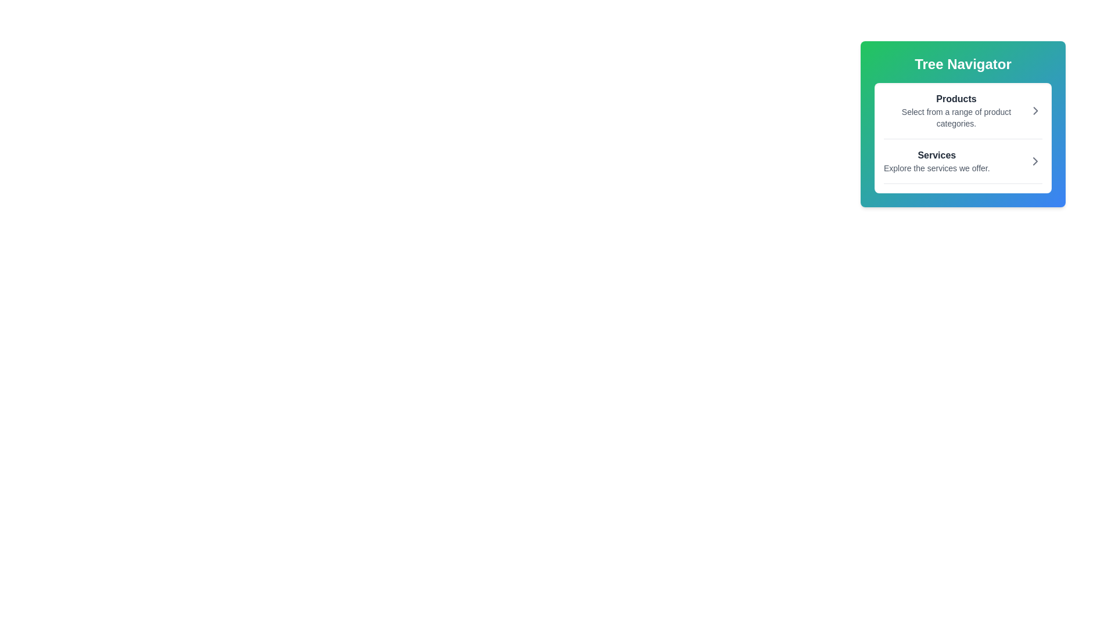  What do you see at coordinates (963, 116) in the screenshot?
I see `the 'Products' interactive navigation item in the Tree Navigator menu` at bounding box center [963, 116].